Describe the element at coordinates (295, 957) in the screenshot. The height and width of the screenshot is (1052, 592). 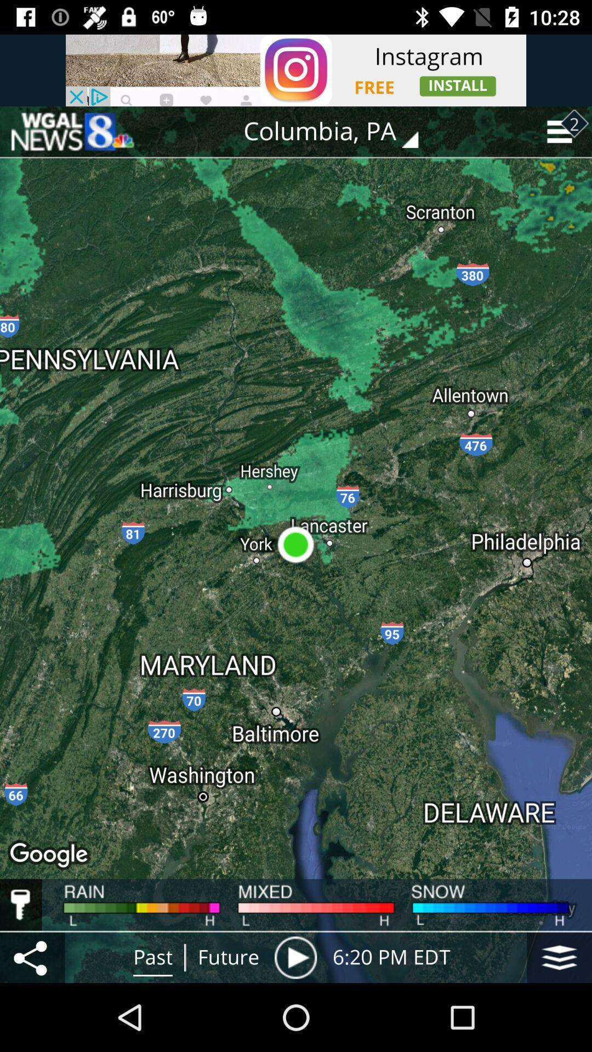
I see `the video` at that location.